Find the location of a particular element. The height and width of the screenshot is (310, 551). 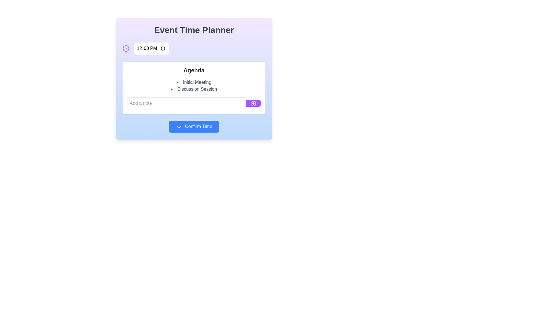

the circular icon button with a purple background and a white plus sign in the center, located to the far right of the note input field is located at coordinates (253, 103).